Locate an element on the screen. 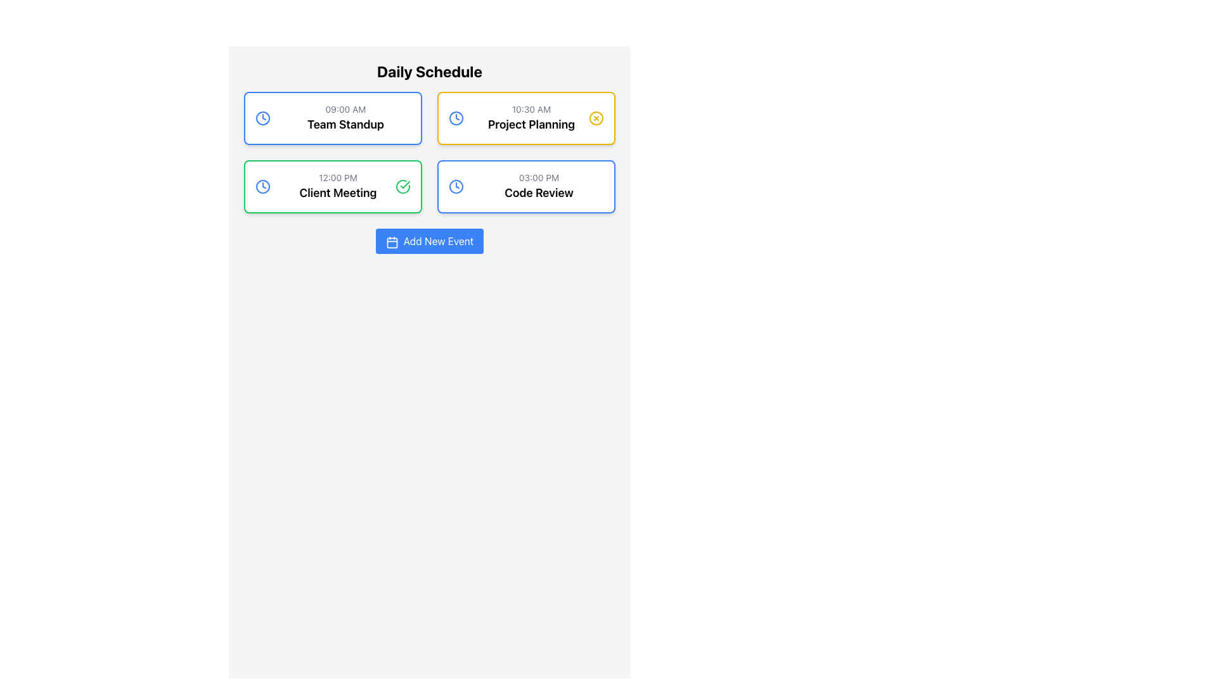  the yellow circle graphical icon with a thin outline and an 'X' shape, located near the top-right corner of the 'Project Planning' event box is located at coordinates (595, 118).